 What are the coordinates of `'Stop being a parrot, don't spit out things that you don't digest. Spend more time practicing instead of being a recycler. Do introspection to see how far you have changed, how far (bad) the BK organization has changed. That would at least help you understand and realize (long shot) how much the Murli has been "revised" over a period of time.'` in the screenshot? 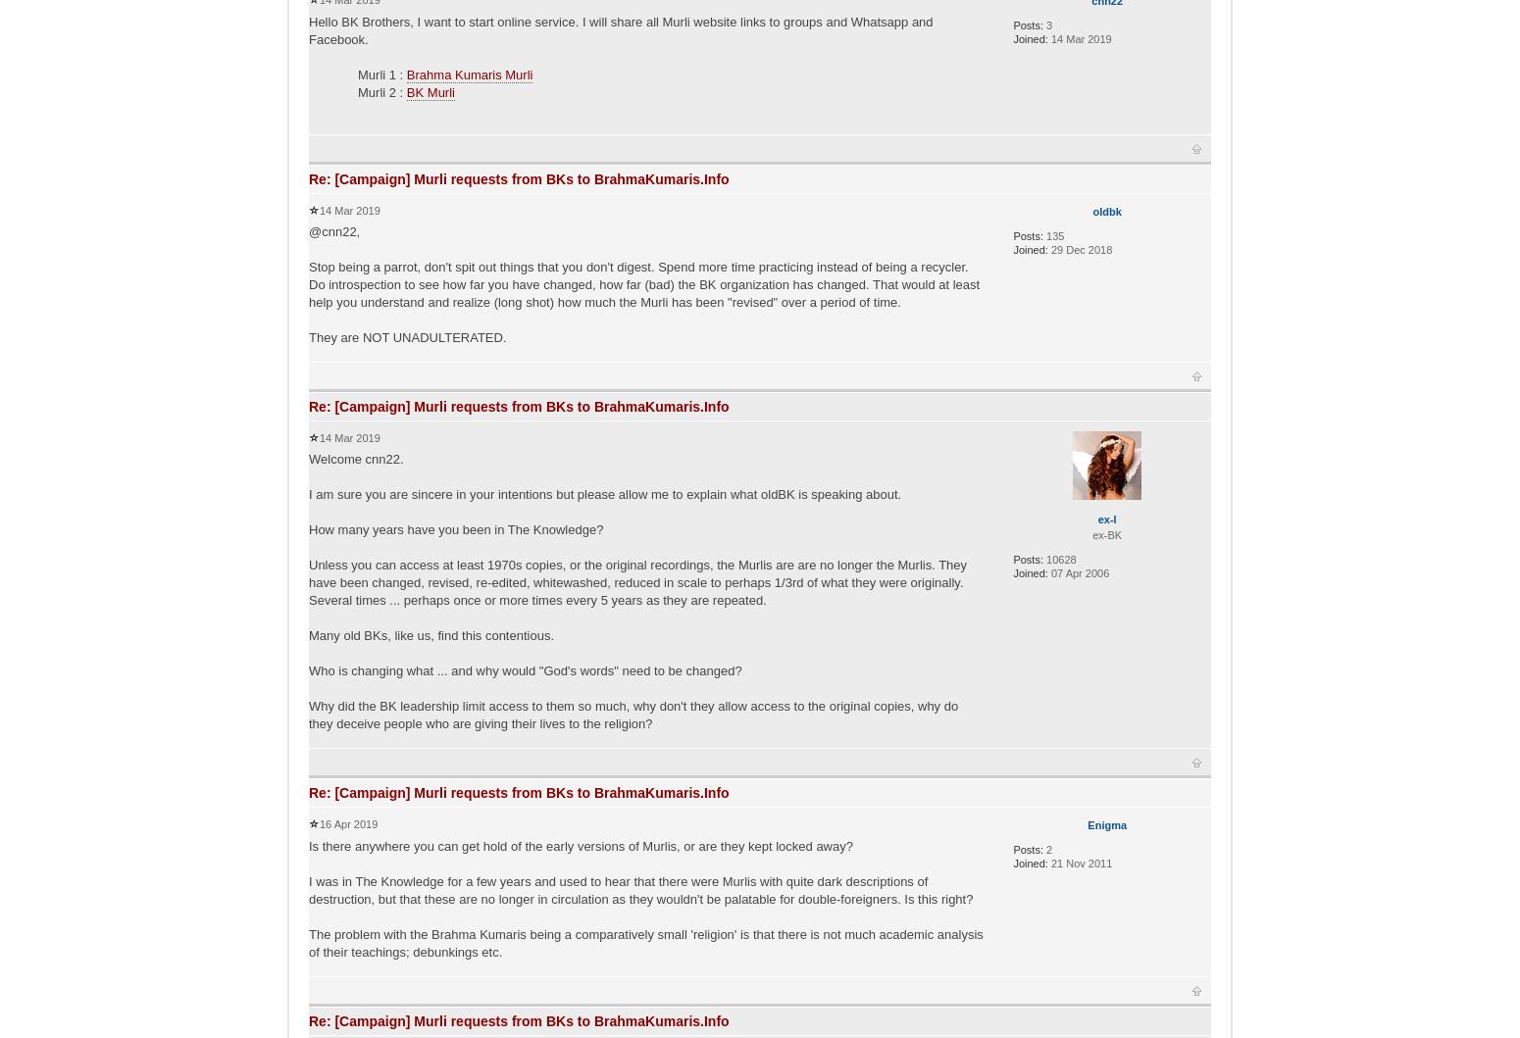 It's located at (643, 284).